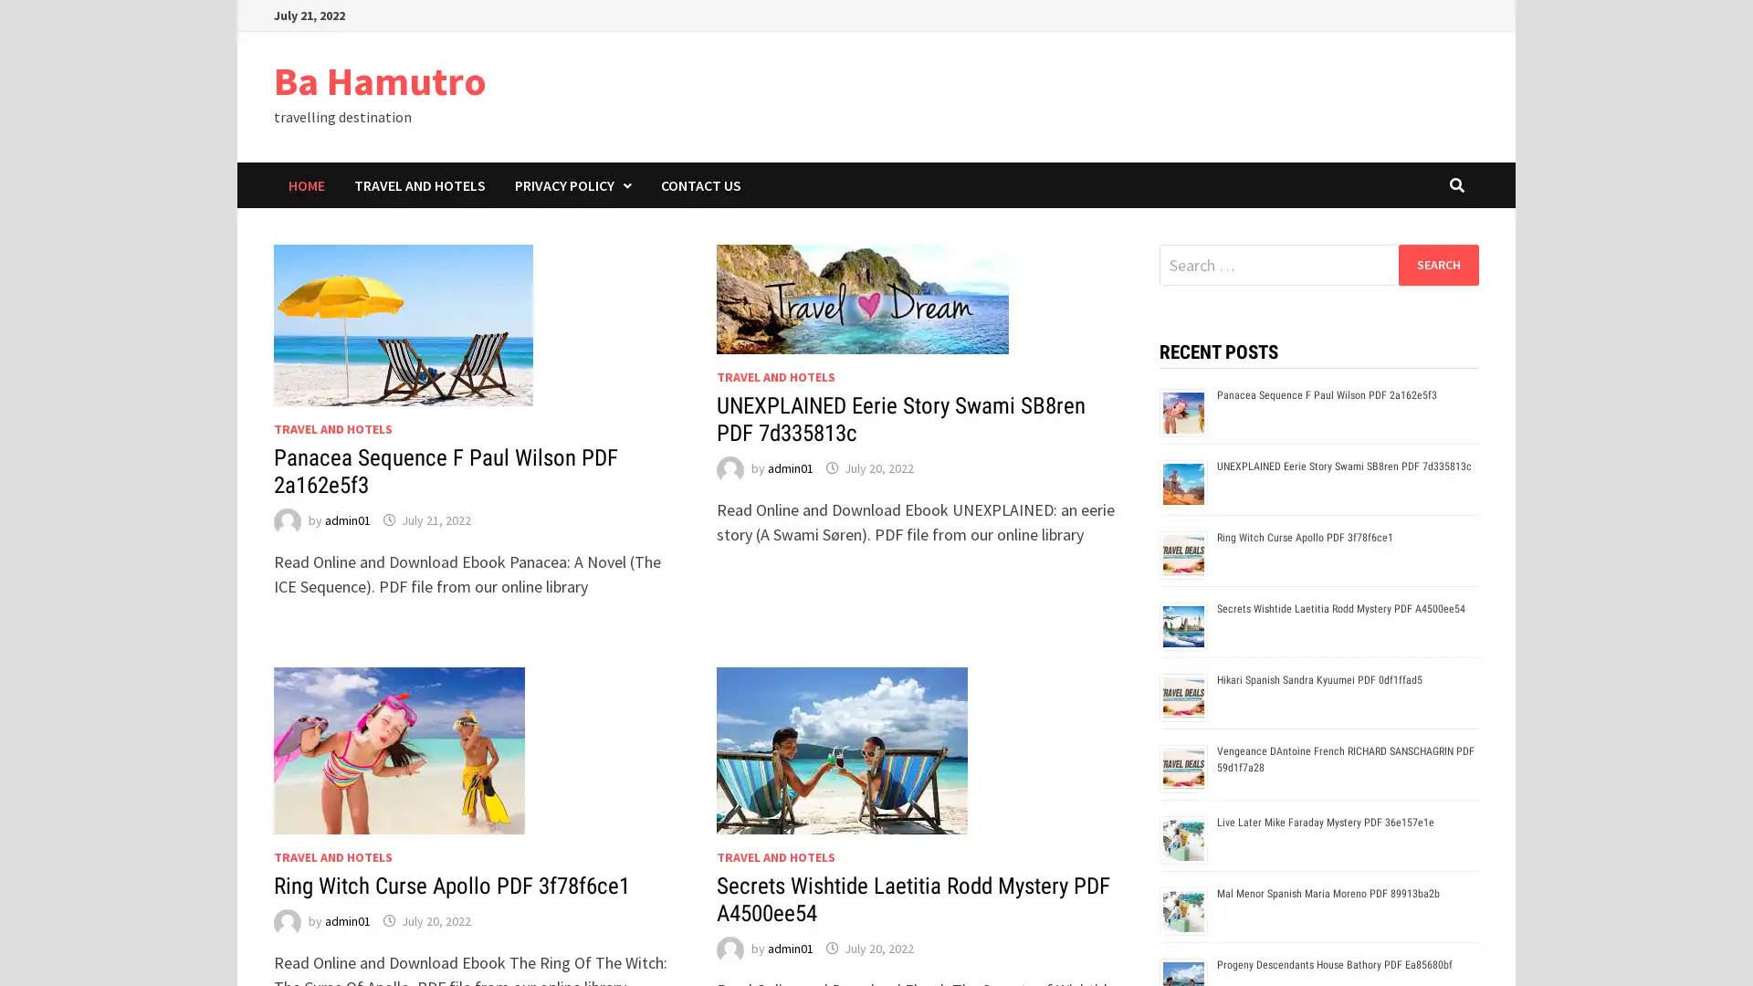  Describe the element at coordinates (1437, 264) in the screenshot. I see `Search` at that location.